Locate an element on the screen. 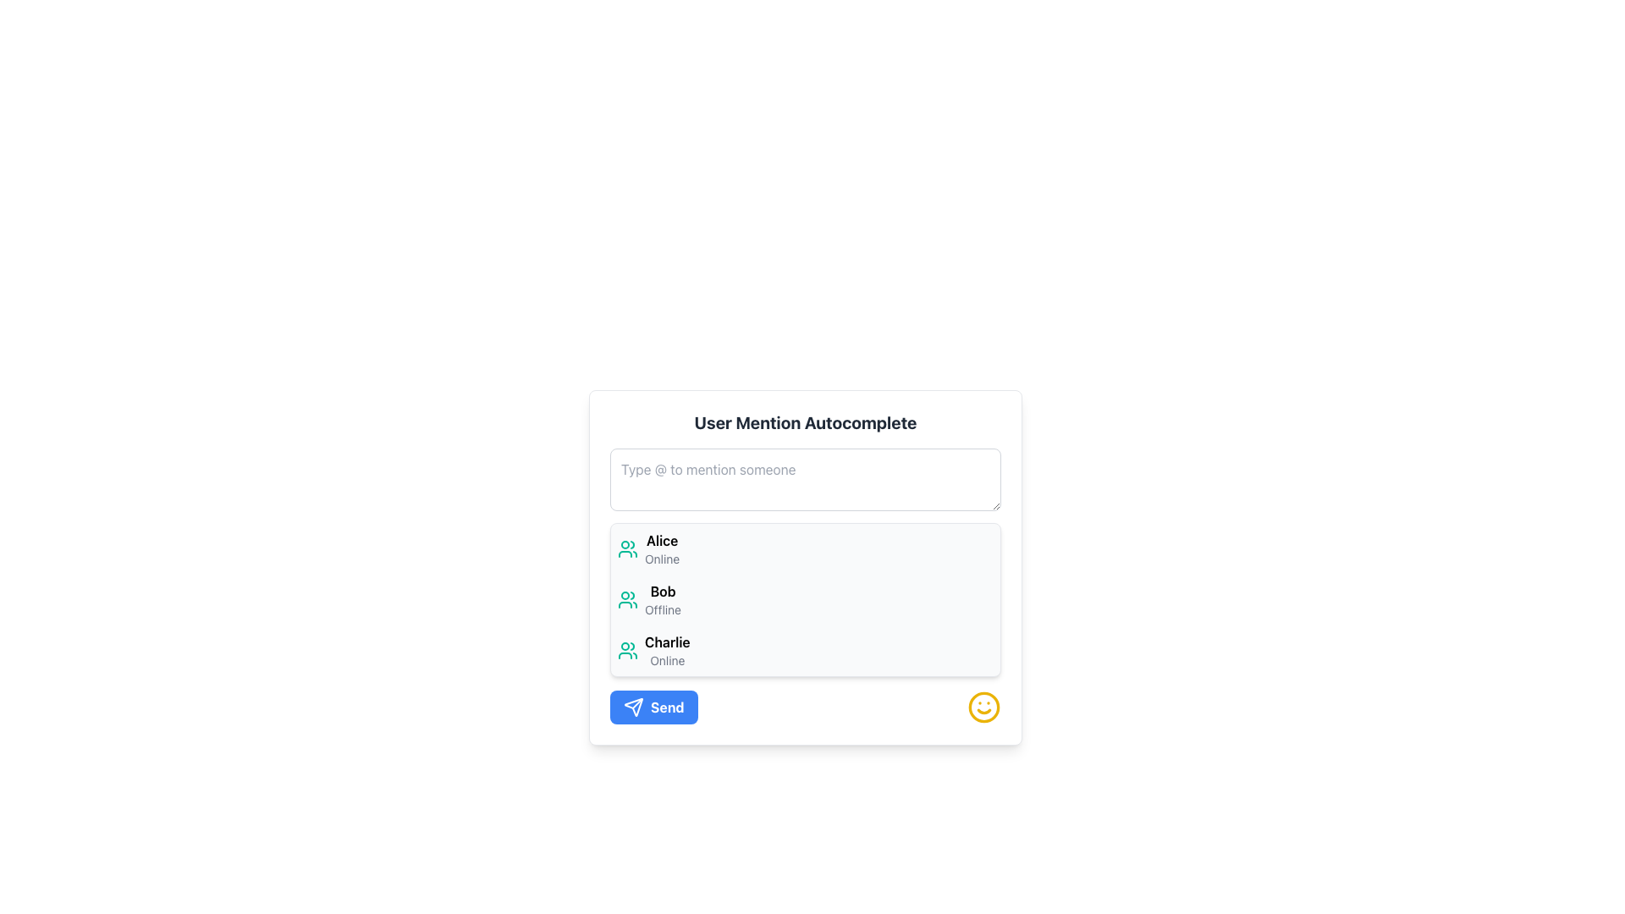 This screenshot has width=1625, height=914. the bold text label displaying the name 'Bob' in the dropdown autocomplete menu is located at coordinates (662, 590).